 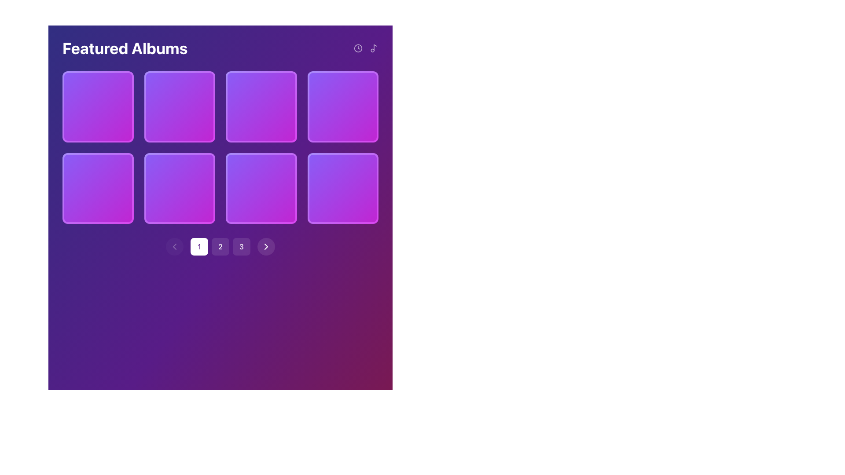 What do you see at coordinates (179, 199) in the screenshot?
I see `displayed information from the metadata overlay for the second album card in the second row of the album grid` at bounding box center [179, 199].